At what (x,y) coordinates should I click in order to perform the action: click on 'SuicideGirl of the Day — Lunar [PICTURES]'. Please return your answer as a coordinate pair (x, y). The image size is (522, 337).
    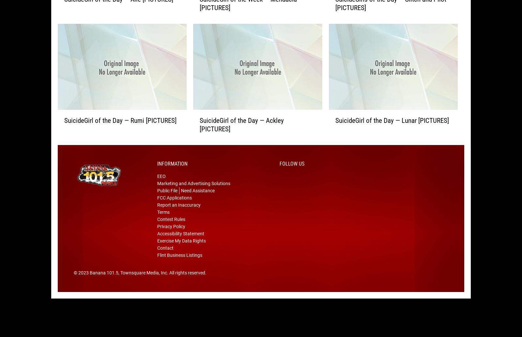
    Looking at the image, I should click on (391, 130).